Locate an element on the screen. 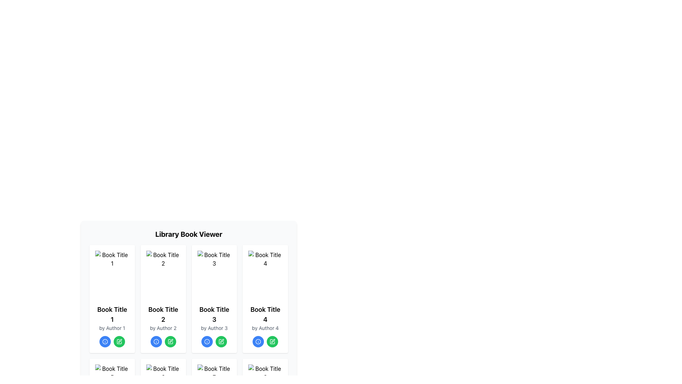 This screenshot has height=384, width=682. the visual representation of the book titled 'Book Title 3' located in the third card labeled 'Book Title 3 by Author 3' is located at coordinates (214, 276).